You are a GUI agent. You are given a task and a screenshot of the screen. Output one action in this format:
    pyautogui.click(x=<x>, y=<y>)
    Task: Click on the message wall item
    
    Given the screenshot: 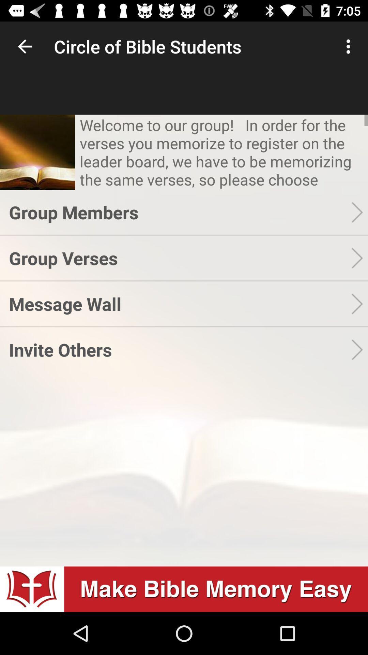 What is the action you would take?
    pyautogui.click(x=180, y=303)
    